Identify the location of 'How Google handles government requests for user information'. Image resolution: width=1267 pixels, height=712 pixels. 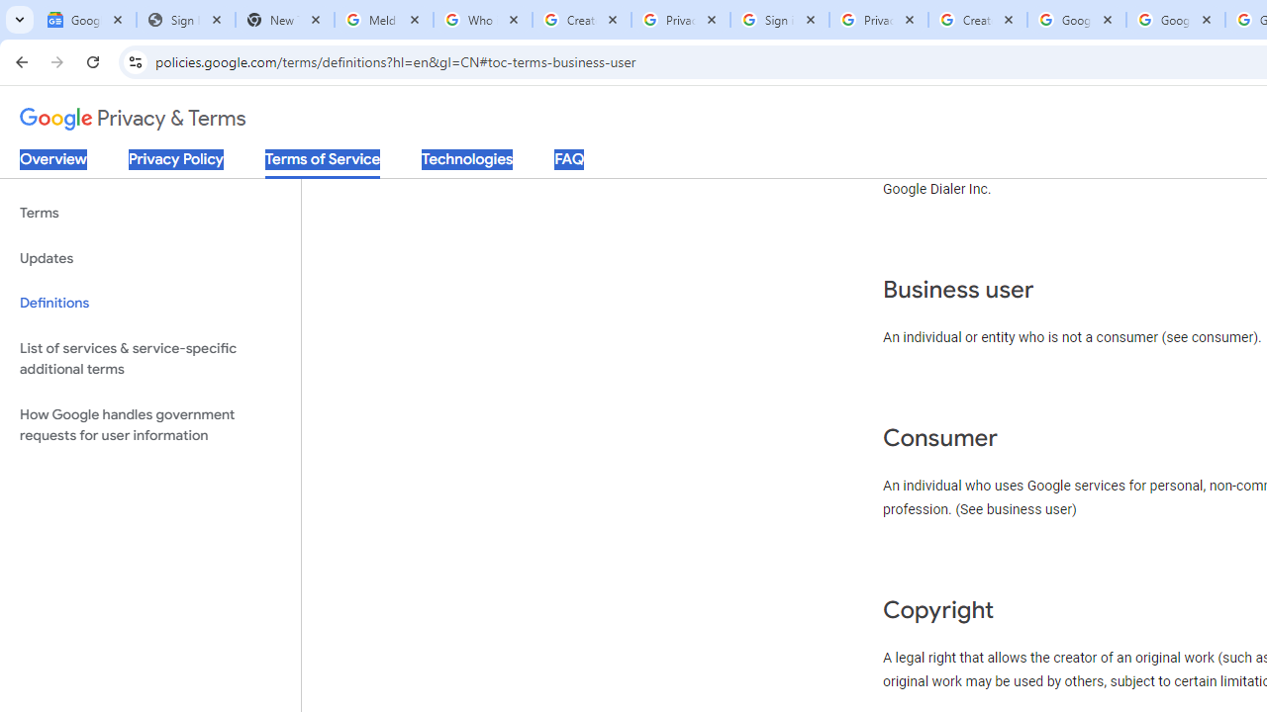
(149, 423).